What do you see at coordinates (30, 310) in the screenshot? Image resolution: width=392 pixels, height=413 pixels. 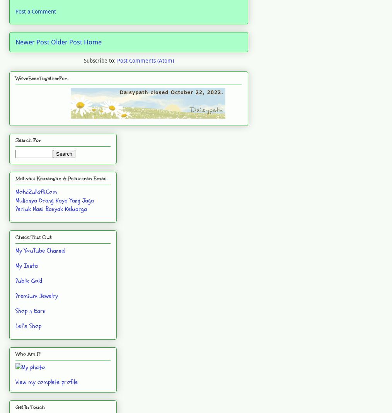 I see `'Shop n Earn'` at bounding box center [30, 310].